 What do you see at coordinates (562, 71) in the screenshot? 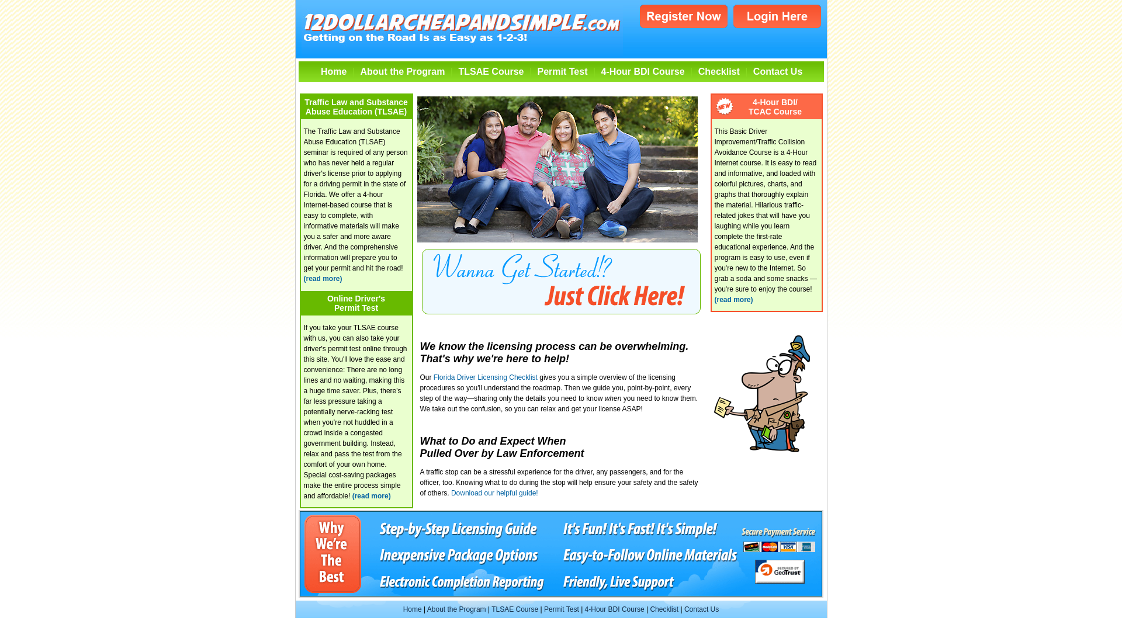
I see `'Permit Test'` at bounding box center [562, 71].